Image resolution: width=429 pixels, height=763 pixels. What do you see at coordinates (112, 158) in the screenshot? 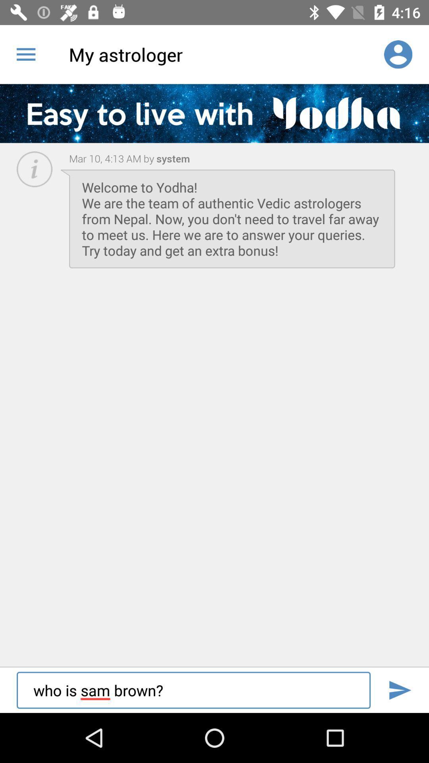
I see `mar 10 4` at bounding box center [112, 158].